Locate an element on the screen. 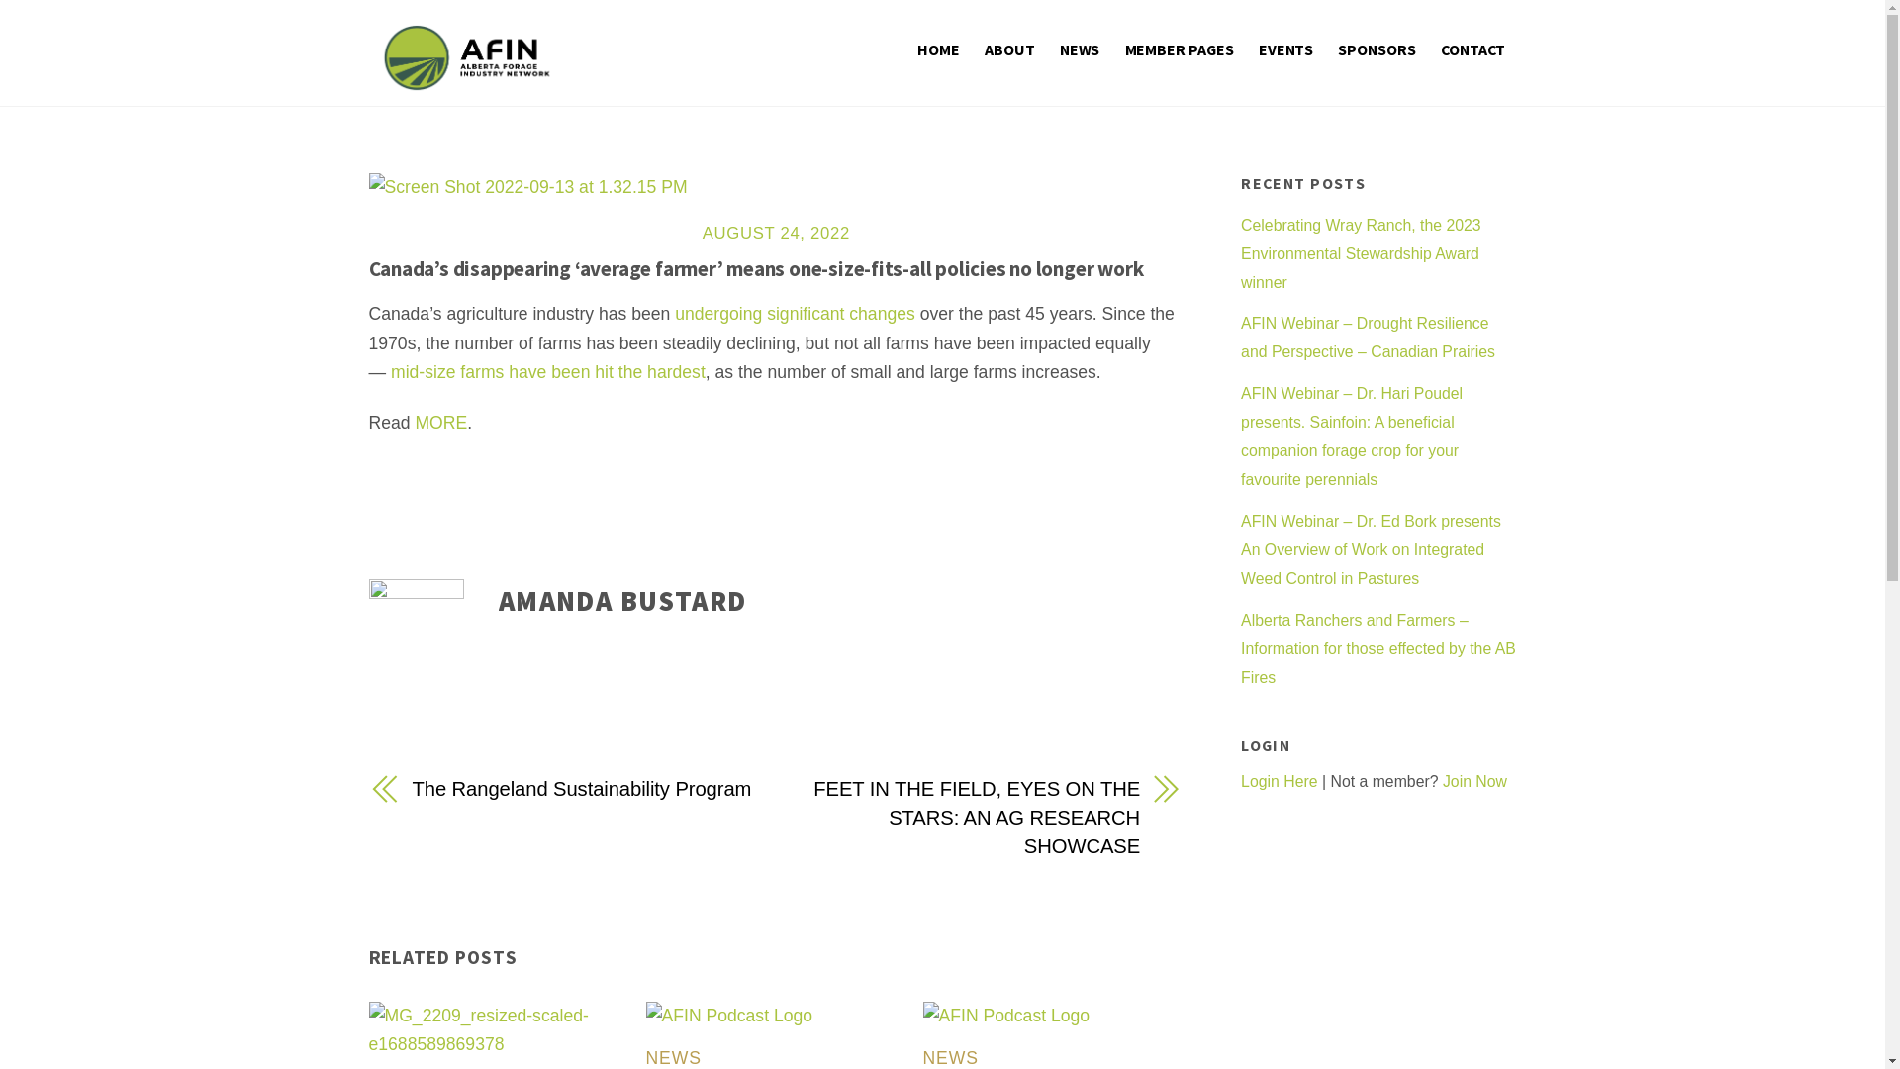 This screenshot has height=1069, width=1900. 'HOME' is located at coordinates (937, 48).